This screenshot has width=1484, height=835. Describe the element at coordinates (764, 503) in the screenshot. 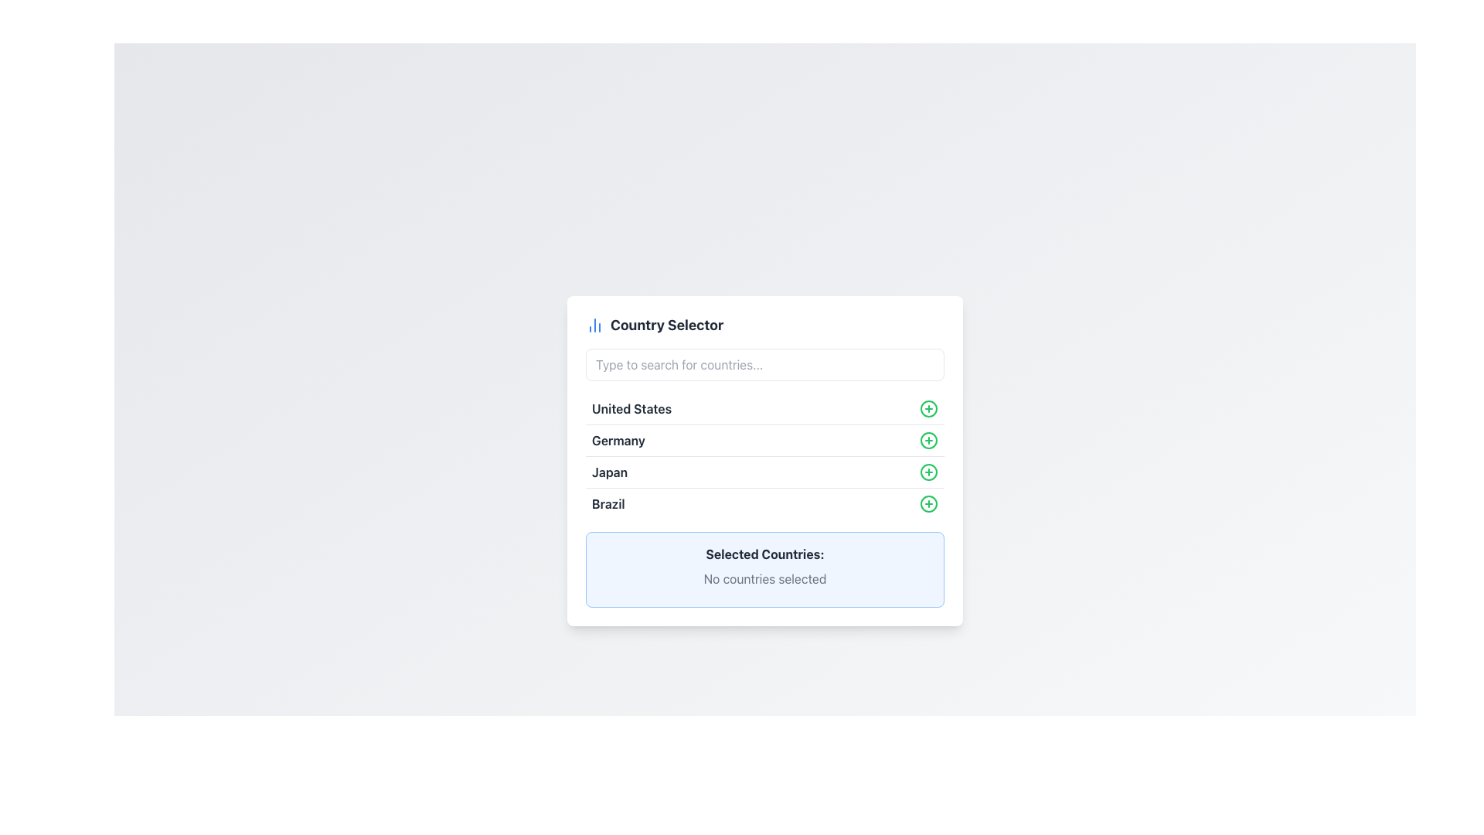

I see `the list item labeled 'Brazil' in the country selector interface` at that location.